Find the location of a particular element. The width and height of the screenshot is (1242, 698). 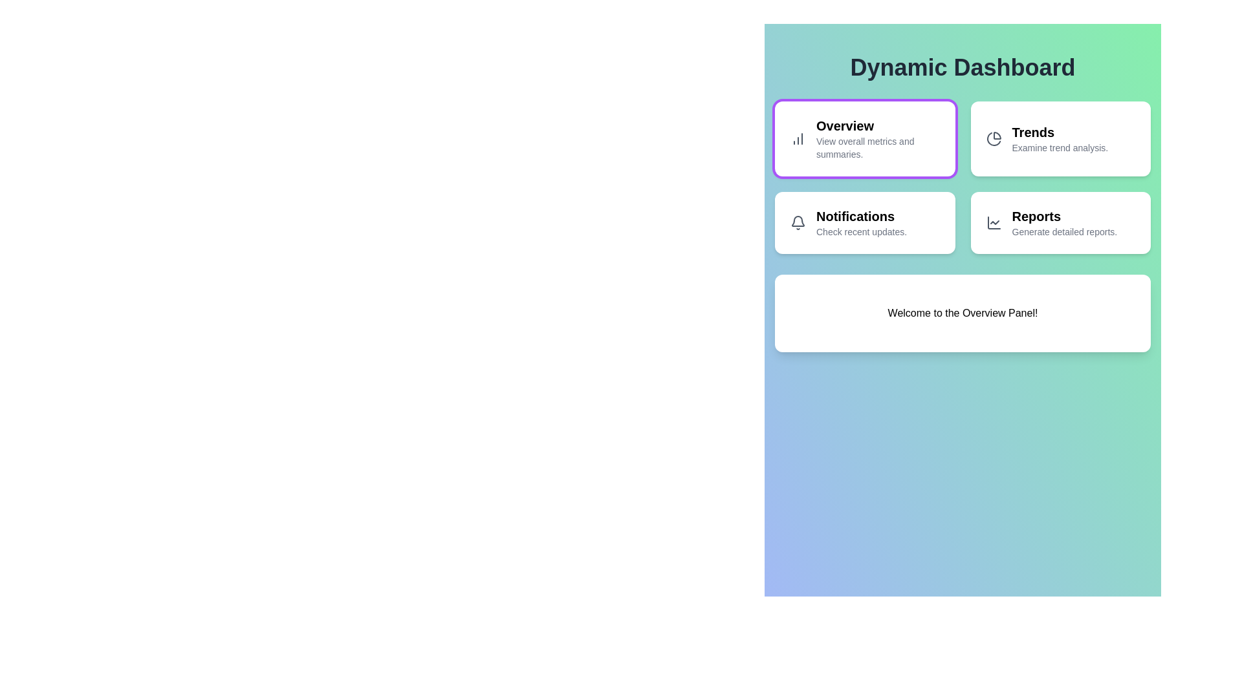

the Notifications panel by clicking its button is located at coordinates (865, 222).